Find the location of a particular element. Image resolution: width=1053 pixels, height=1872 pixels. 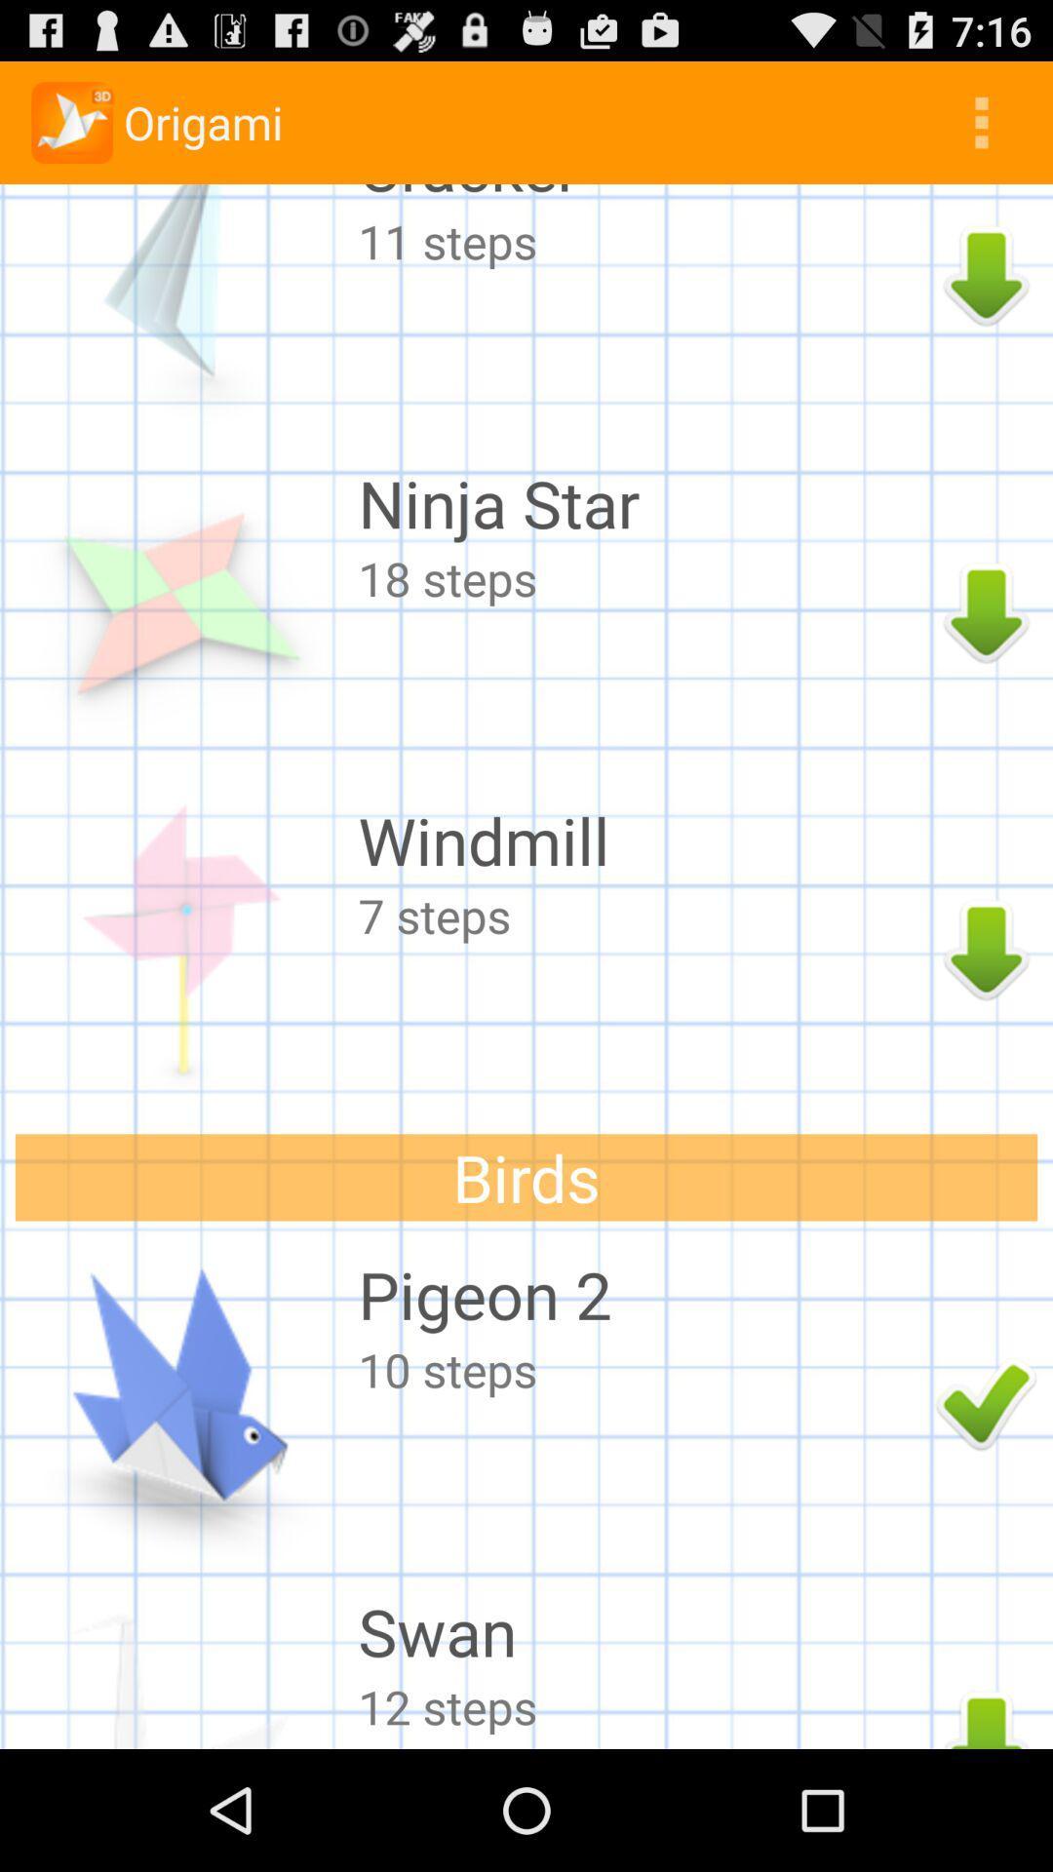

the app above 12 steps app is located at coordinates (642, 1631).